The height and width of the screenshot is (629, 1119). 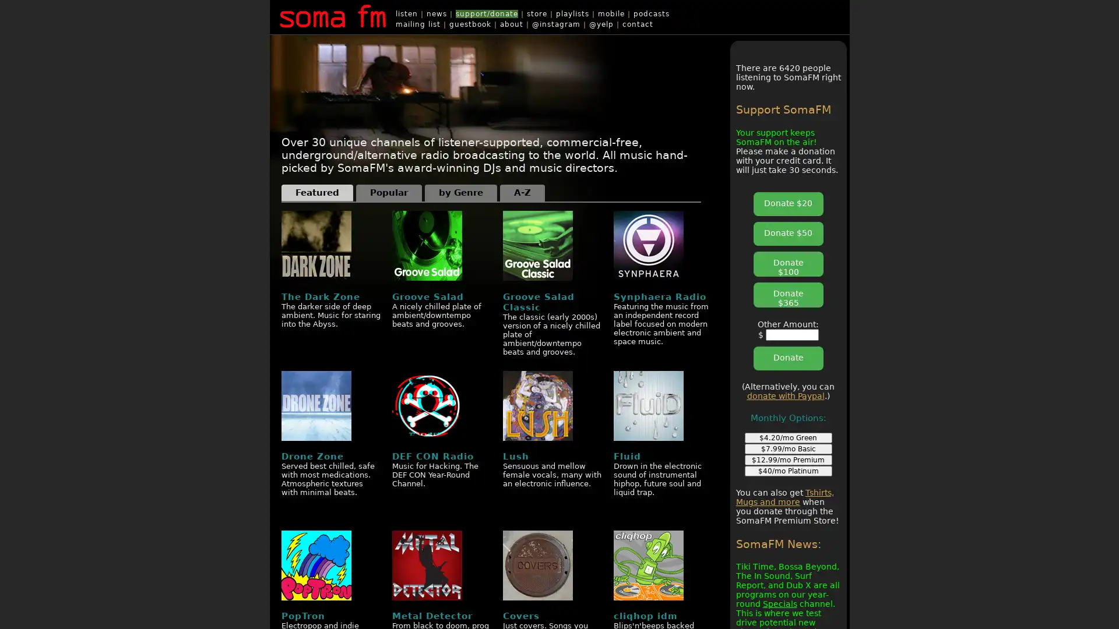 I want to click on $4.20/mo Green, so click(x=788, y=437).